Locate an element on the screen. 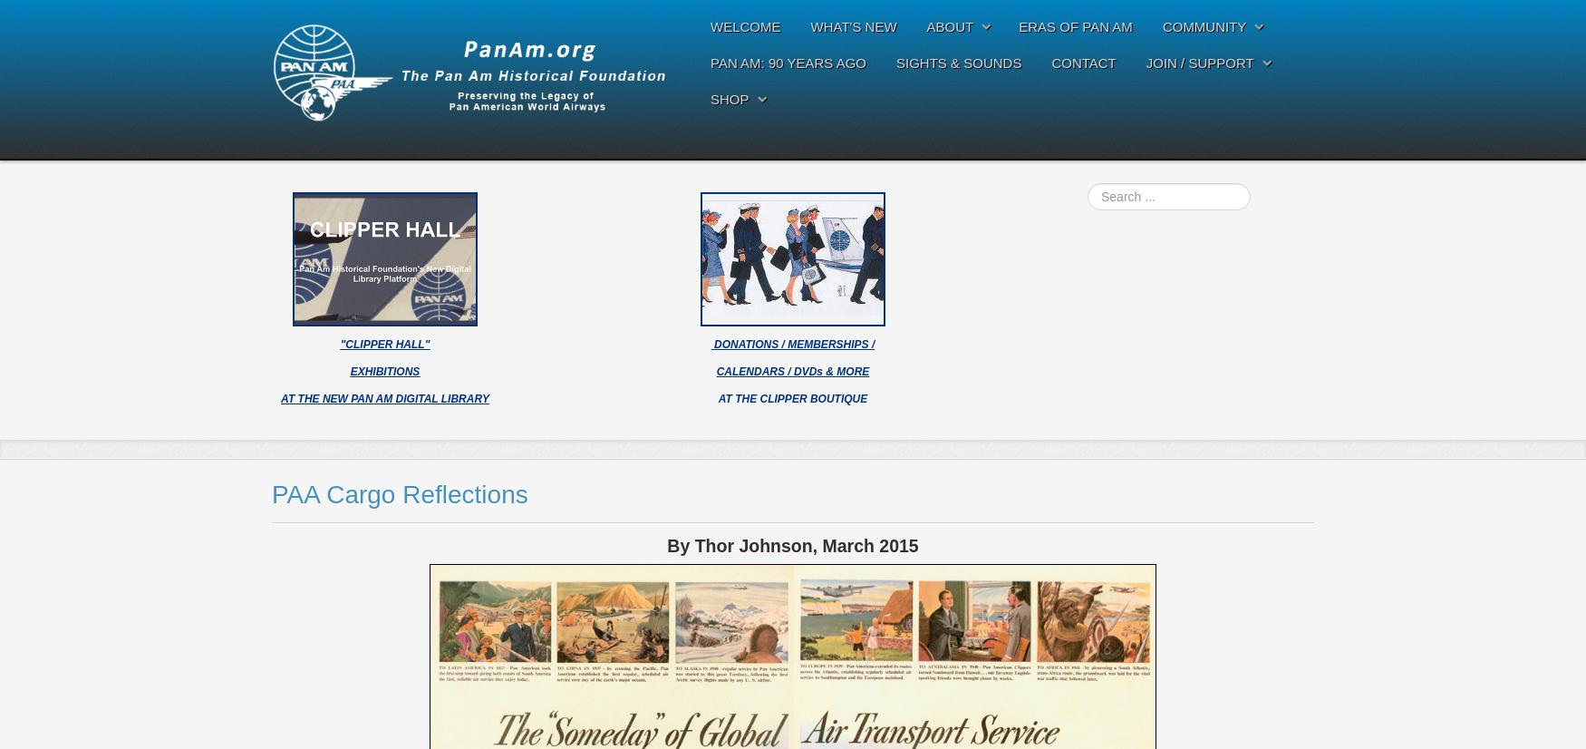  'SHOP' is located at coordinates (710, 98).